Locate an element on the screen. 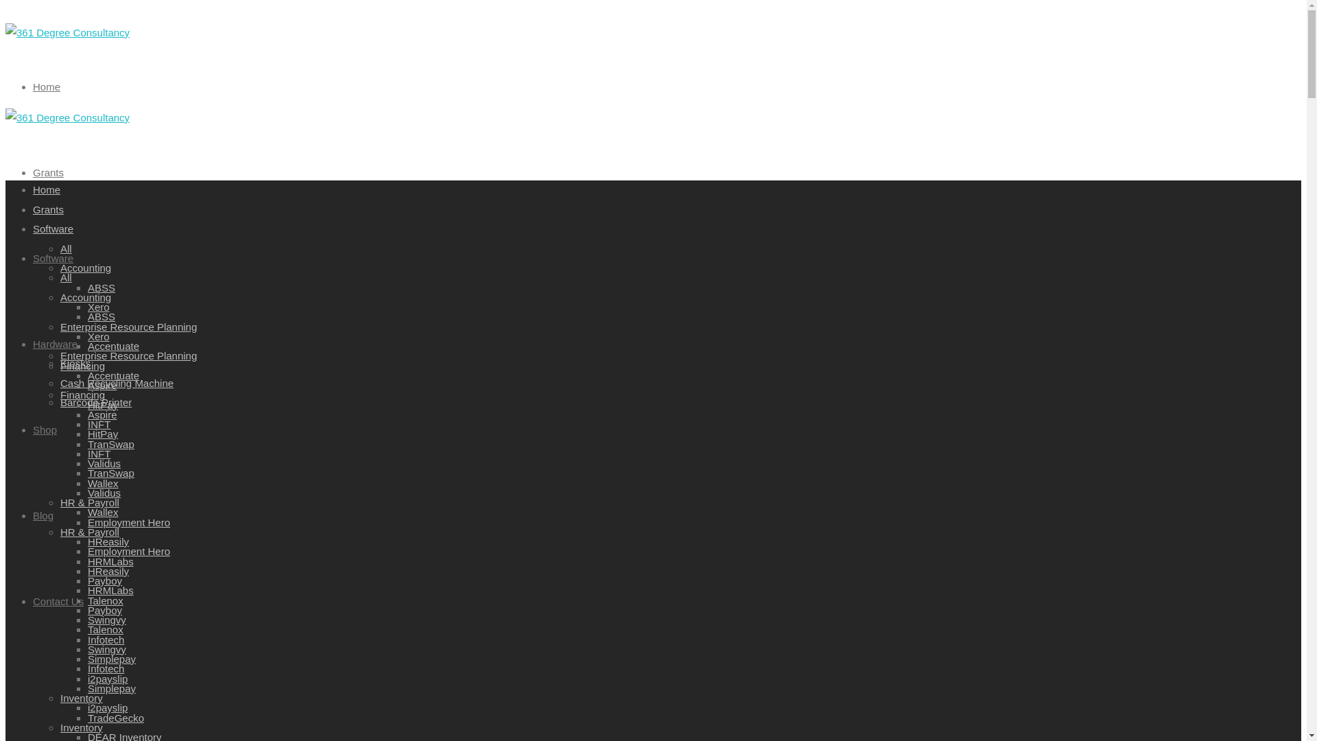 The width and height of the screenshot is (1317, 741). 'Validus' is located at coordinates (104, 492).